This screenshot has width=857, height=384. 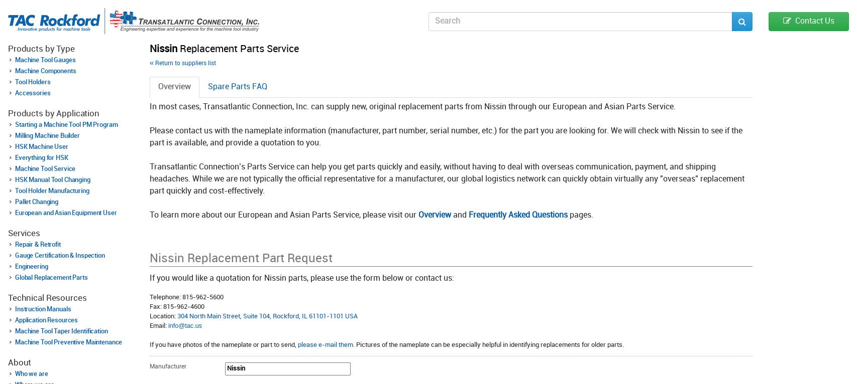 What do you see at coordinates (51, 276) in the screenshot?
I see `'Global Replacement Parts'` at bounding box center [51, 276].